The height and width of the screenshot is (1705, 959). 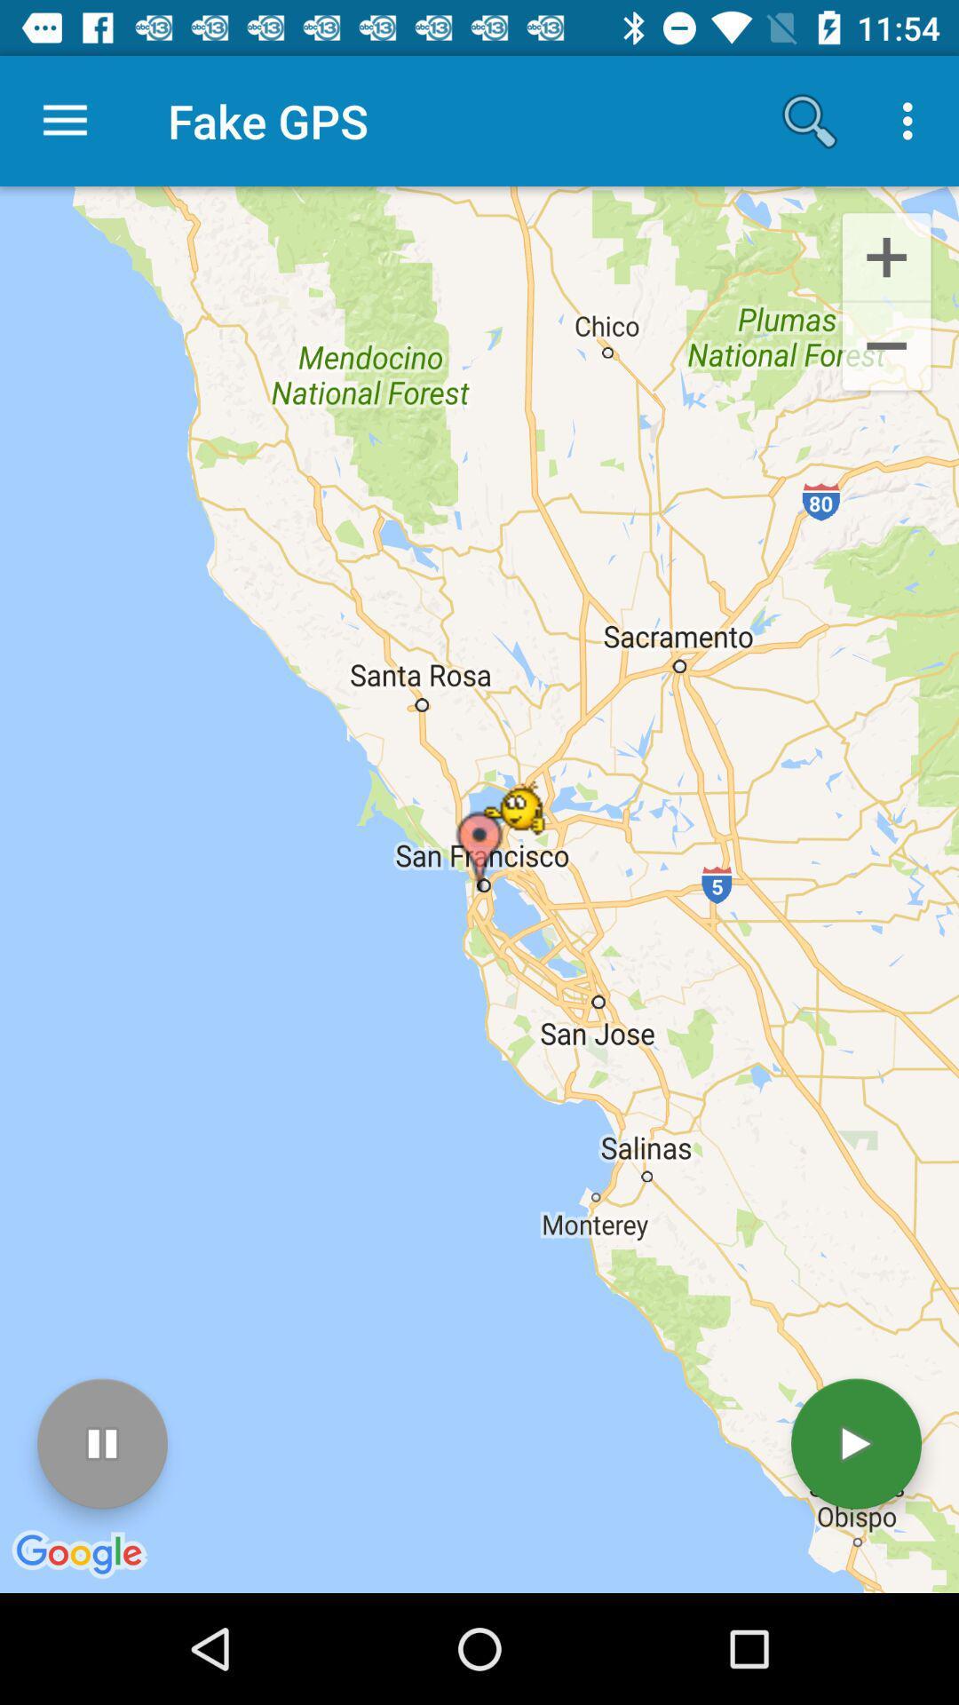 I want to click on the icon to the left of the fake gps item, so click(x=64, y=120).